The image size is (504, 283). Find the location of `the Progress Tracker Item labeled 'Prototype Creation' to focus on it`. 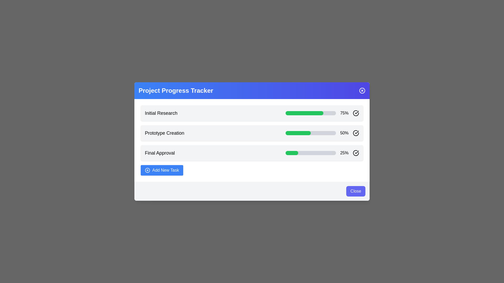

the Progress Tracker Item labeled 'Prototype Creation' to focus on it is located at coordinates (252, 133).